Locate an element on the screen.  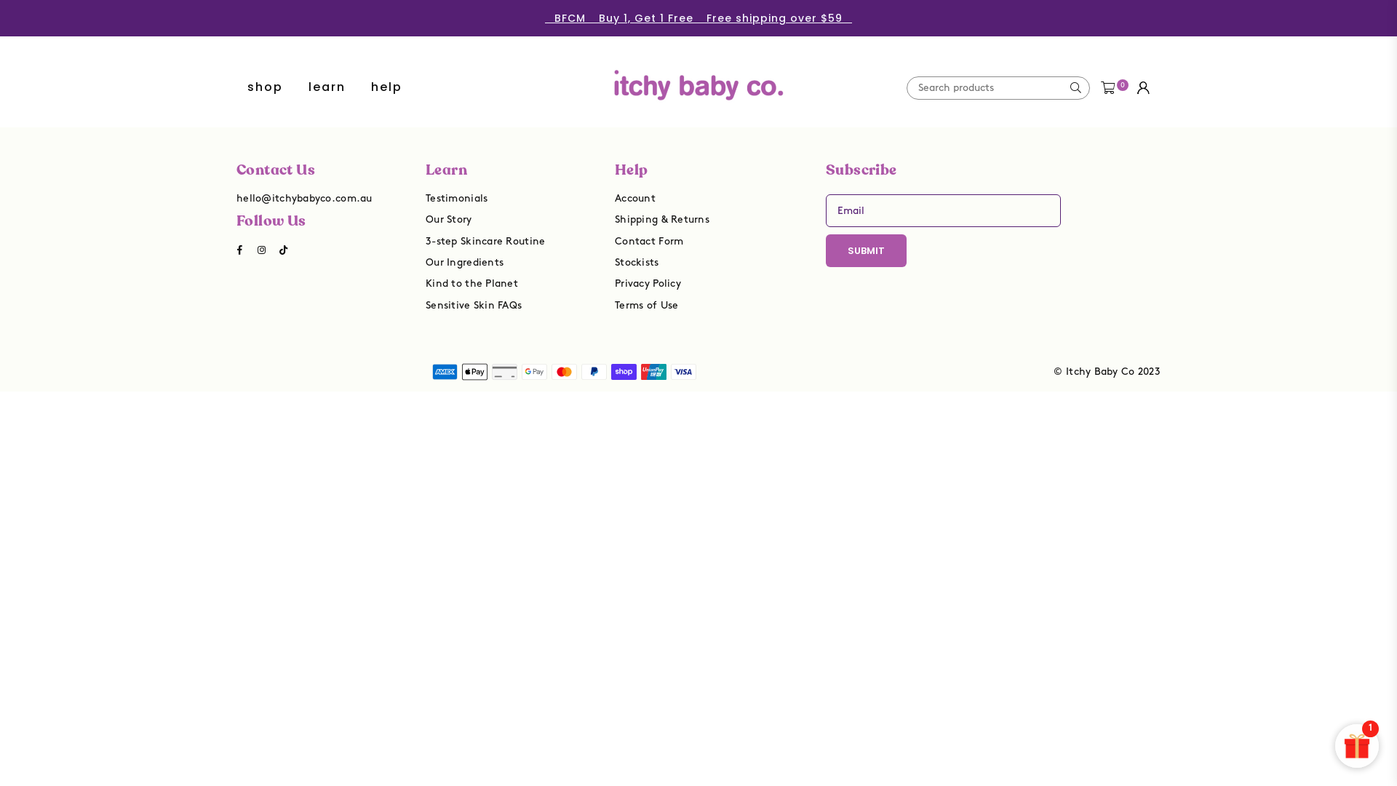
'Logout' is located at coordinates (1142, 87).